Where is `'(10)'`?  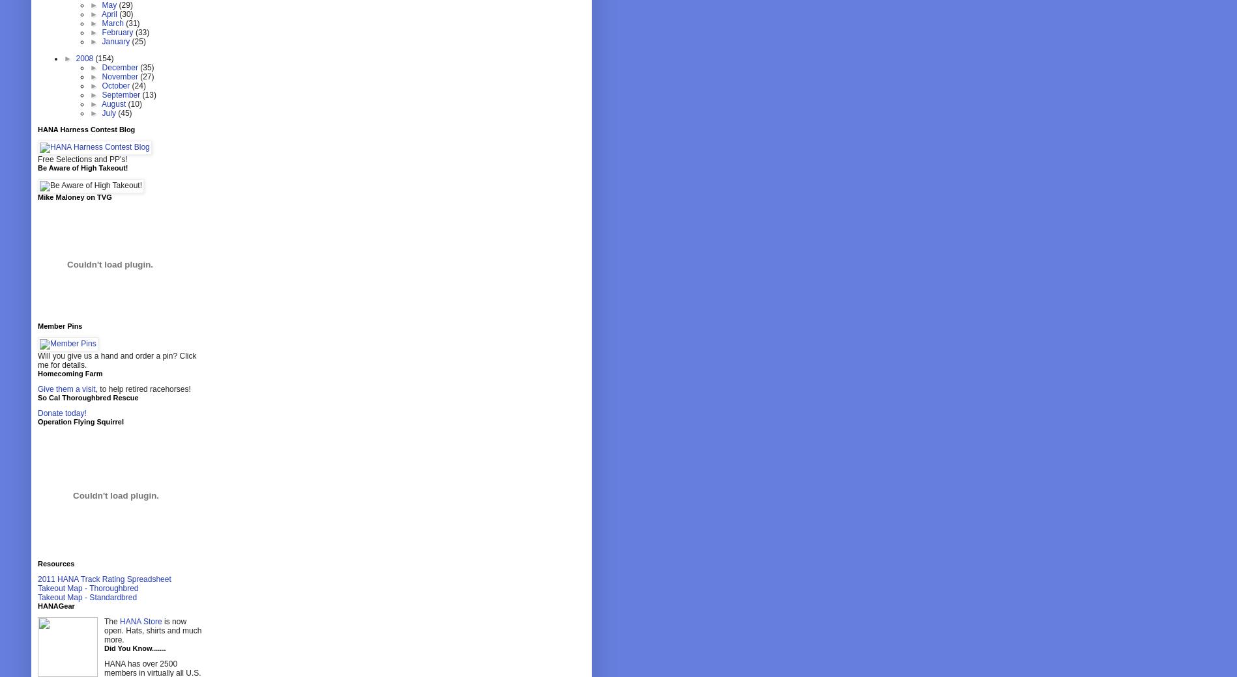
'(10)' is located at coordinates (134, 104).